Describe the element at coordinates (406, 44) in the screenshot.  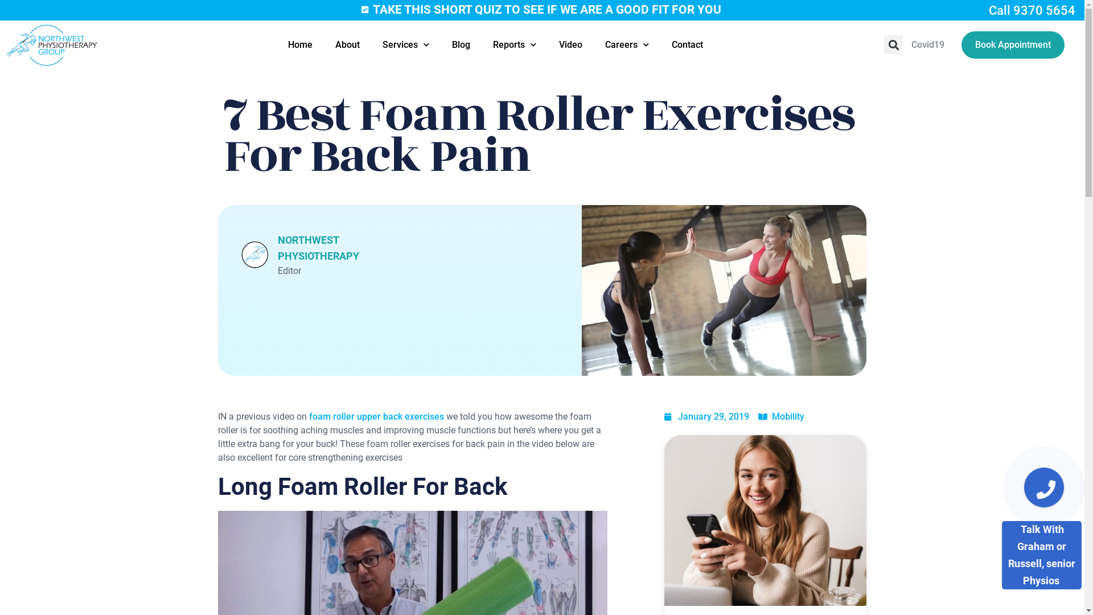
I see `'Services'` at that location.